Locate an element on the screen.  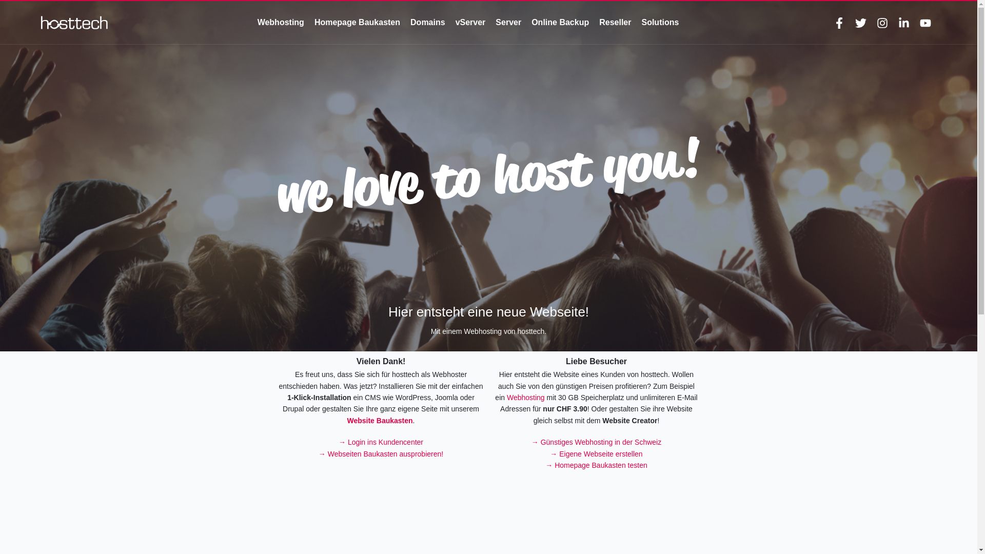
'Server' is located at coordinates (508, 22).